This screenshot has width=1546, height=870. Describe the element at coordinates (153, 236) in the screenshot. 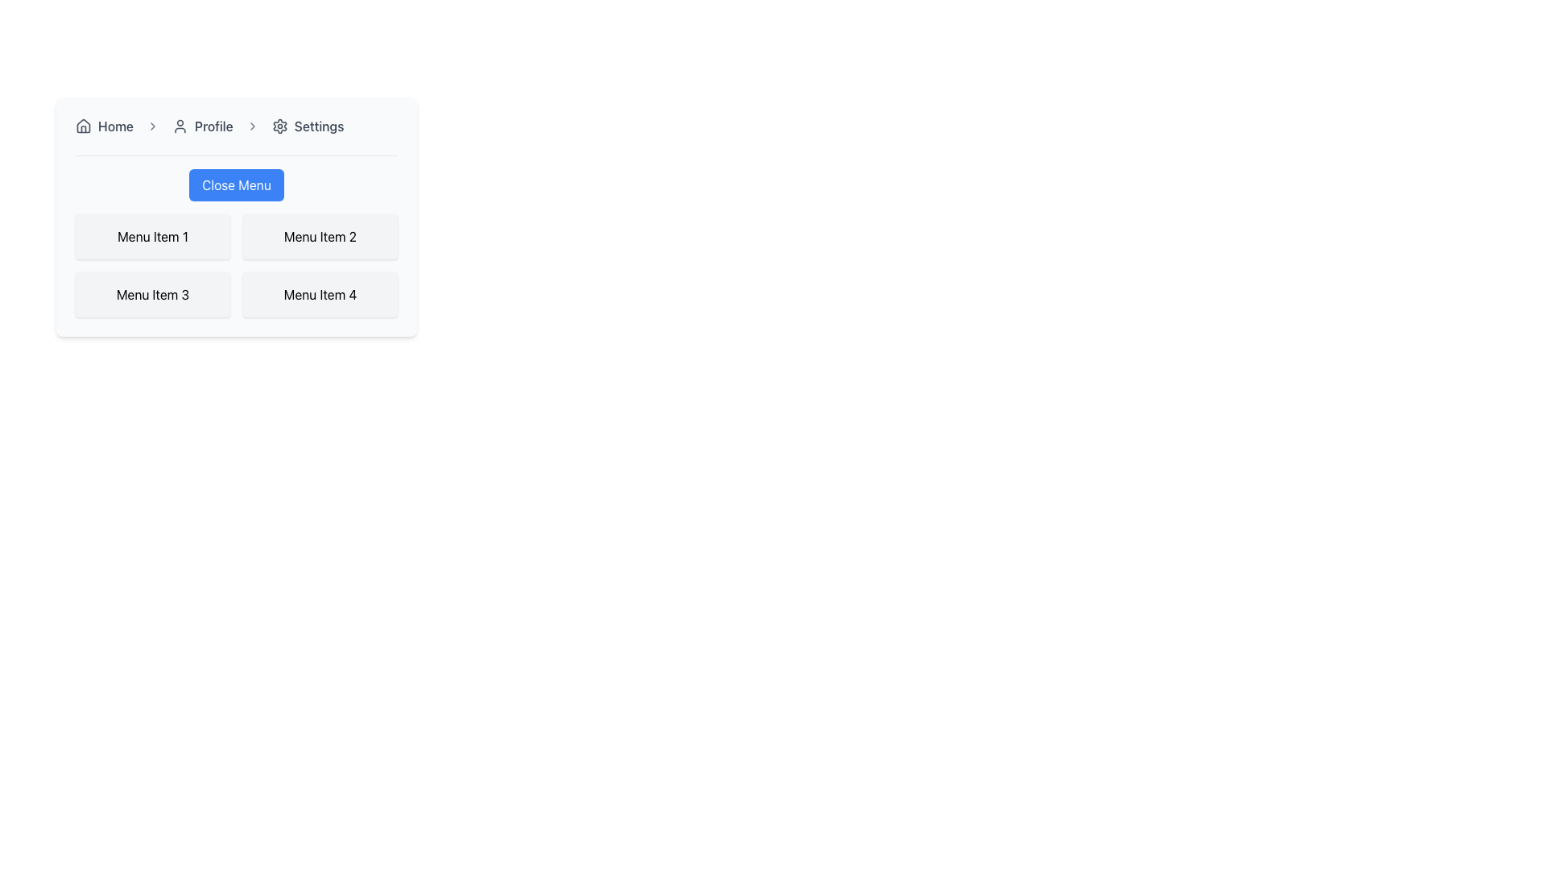

I see `the button labeled 'Menu Item 1', which is a rectangular button with rounded corners and a light gray background` at that location.